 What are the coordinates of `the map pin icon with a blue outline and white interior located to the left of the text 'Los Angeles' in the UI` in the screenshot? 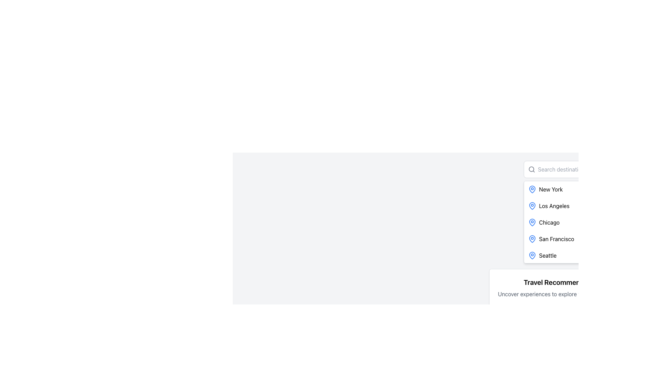 It's located at (532, 205).